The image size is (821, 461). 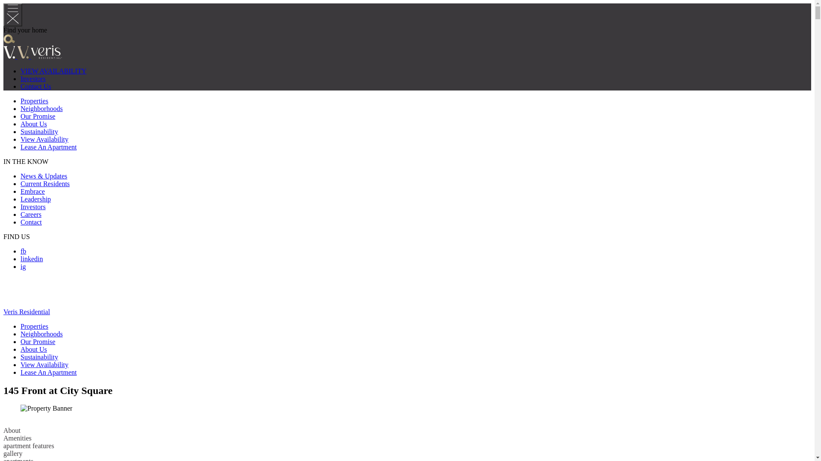 I want to click on 'Current Residents', so click(x=44, y=183).